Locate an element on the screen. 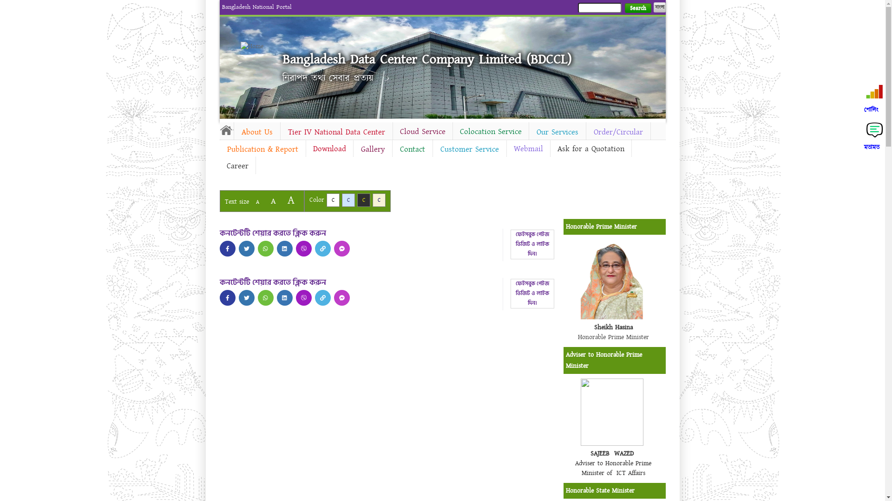  'Contact' is located at coordinates (392, 148).